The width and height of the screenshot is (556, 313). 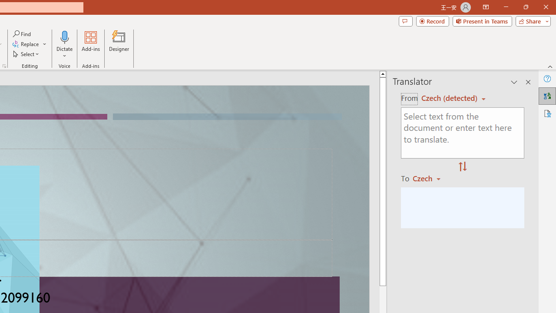 What do you see at coordinates (462, 167) in the screenshot?
I see `'Swap "from" and "to" languages.'` at bounding box center [462, 167].